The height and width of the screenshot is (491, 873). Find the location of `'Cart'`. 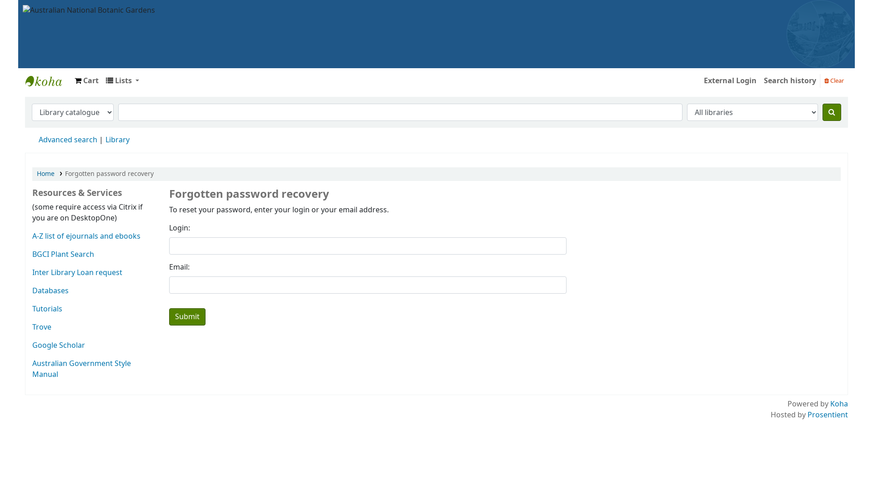

'Cart' is located at coordinates (86, 80).